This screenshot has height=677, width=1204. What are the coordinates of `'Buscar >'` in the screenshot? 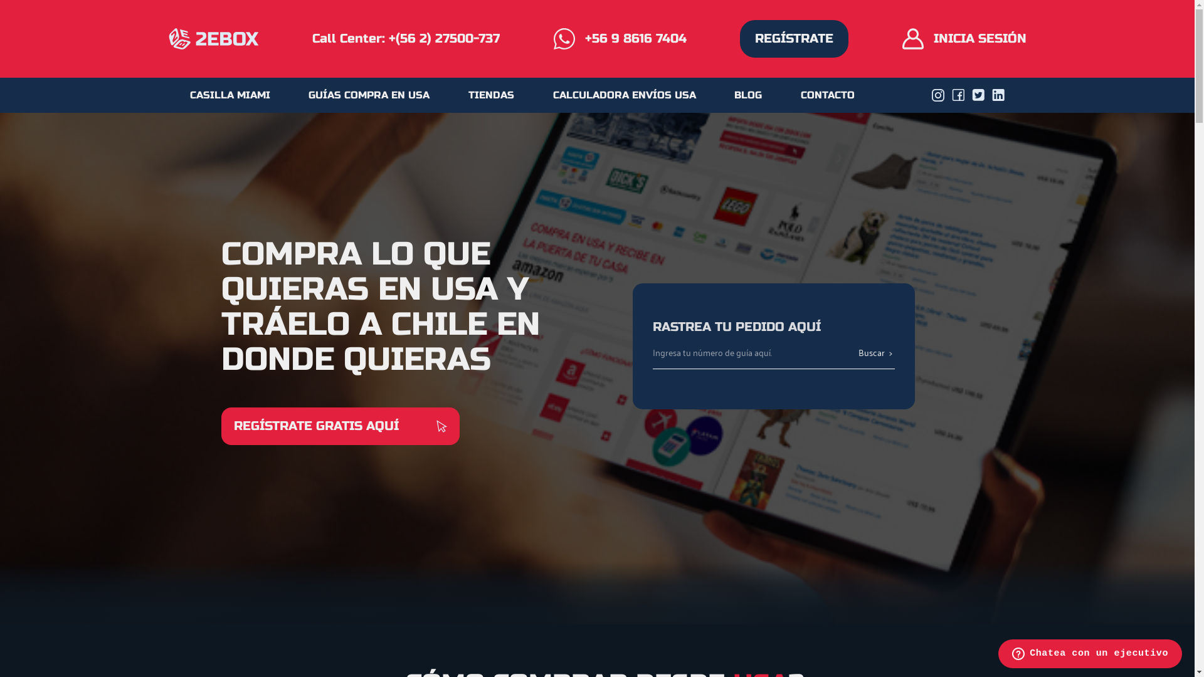 It's located at (875, 352).